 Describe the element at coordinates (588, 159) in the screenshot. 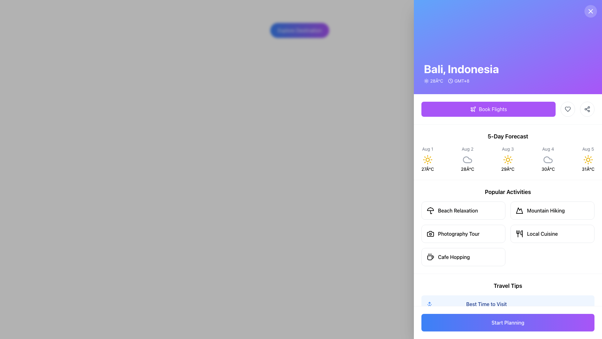

I see `weather information displayed in the Weather Forecast Display for August 5, which indicates a sunny day with a high temperature of 31°C` at that location.